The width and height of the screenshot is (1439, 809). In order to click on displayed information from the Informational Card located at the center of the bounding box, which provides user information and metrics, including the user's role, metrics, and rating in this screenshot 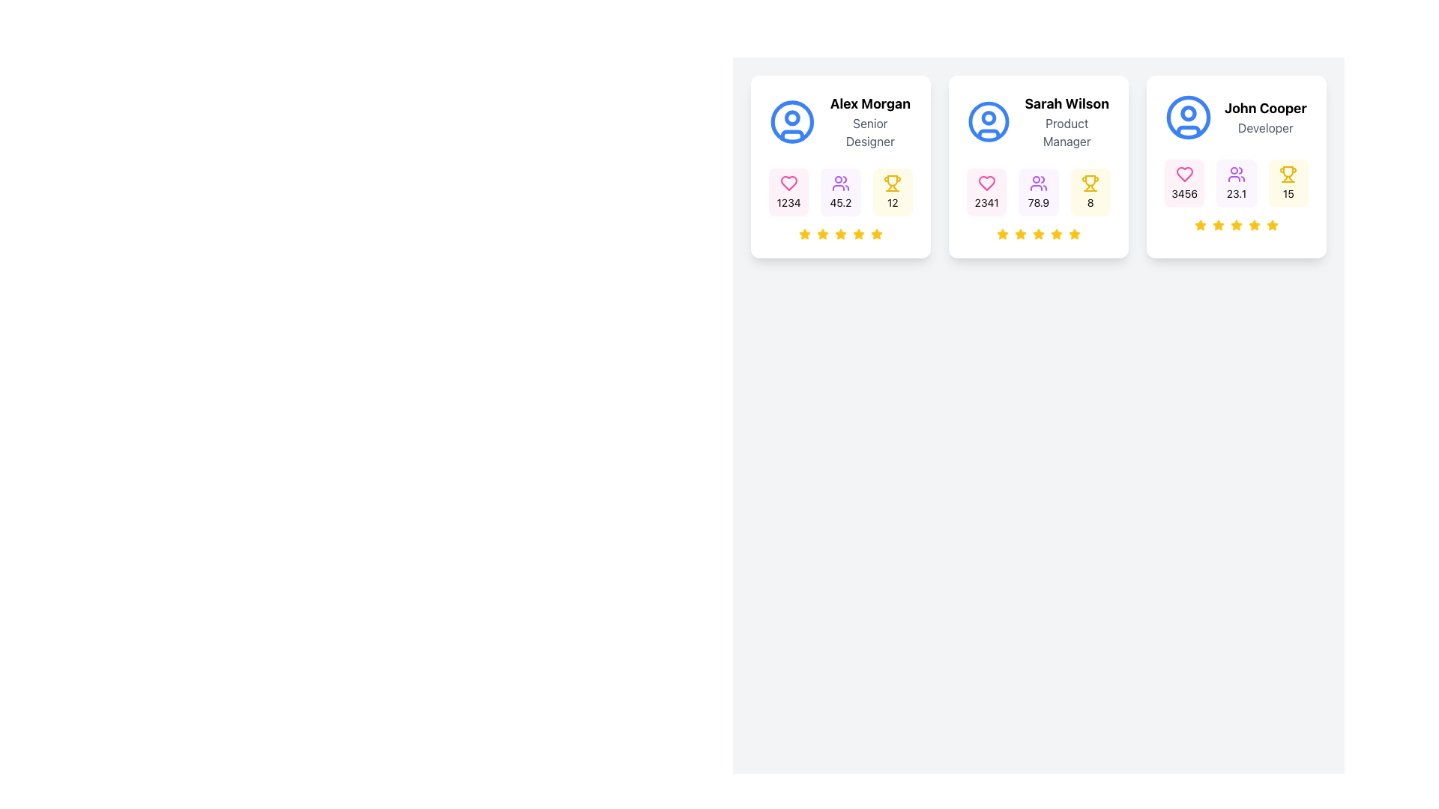, I will do `click(1038, 167)`.